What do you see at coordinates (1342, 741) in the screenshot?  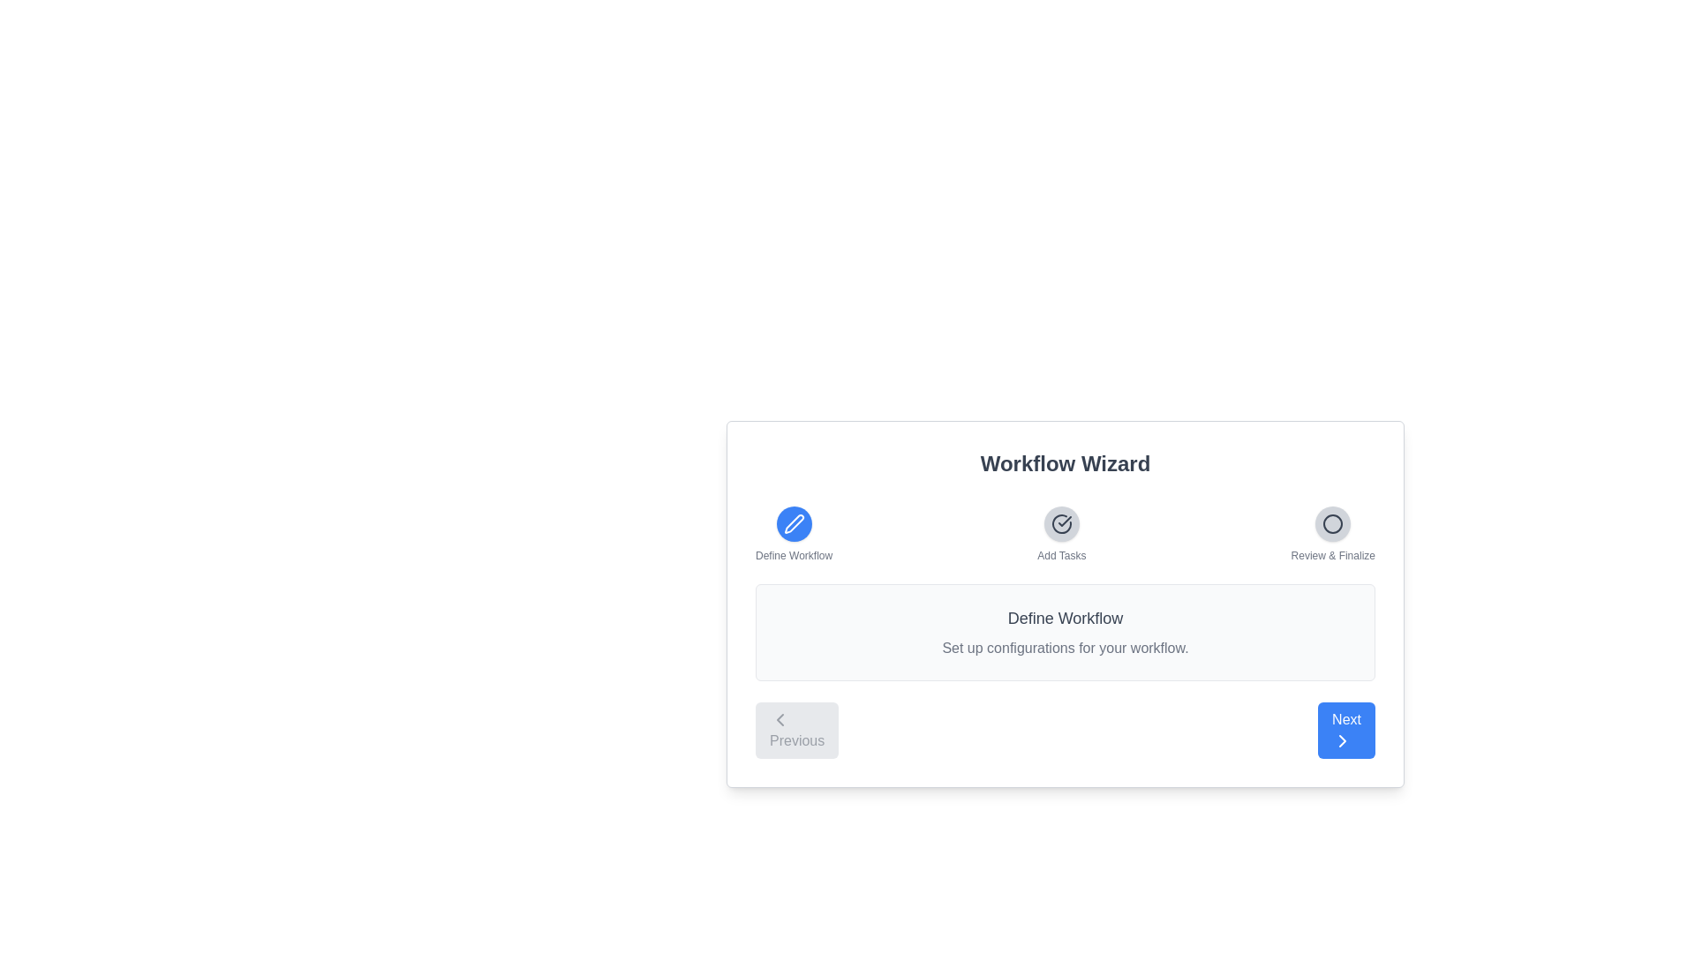 I see `the status of the chevron icon located inside the blue 'Next' button at the bottom-right corner of the card-like interface` at bounding box center [1342, 741].